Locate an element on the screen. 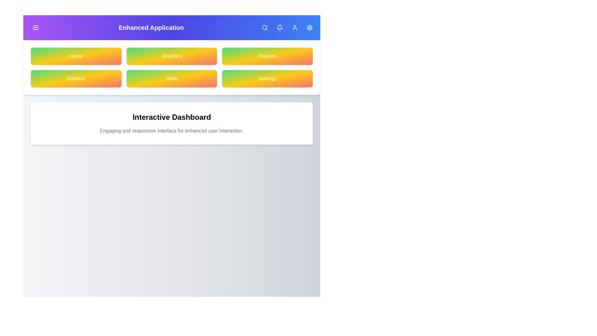  the User header icon is located at coordinates (294, 27).